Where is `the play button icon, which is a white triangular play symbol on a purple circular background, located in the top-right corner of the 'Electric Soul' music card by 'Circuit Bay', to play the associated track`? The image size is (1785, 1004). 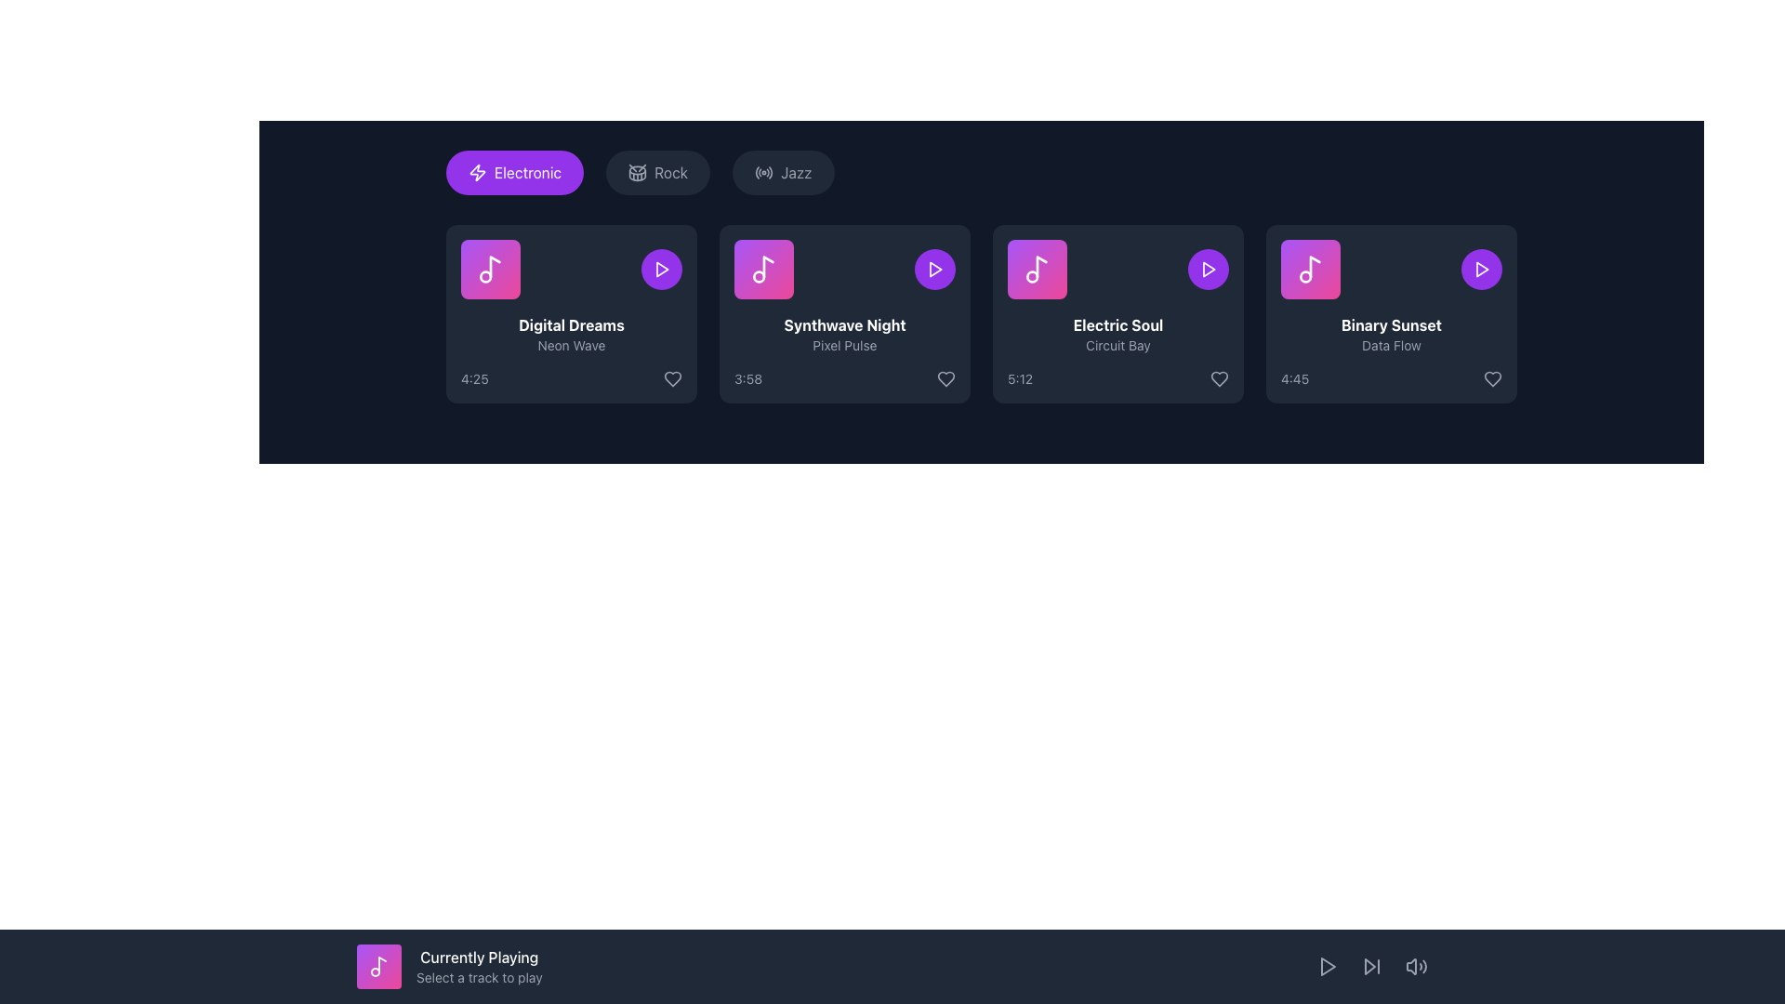 the play button icon, which is a white triangular play symbol on a purple circular background, located in the top-right corner of the 'Electric Soul' music card by 'Circuit Bay', to play the associated track is located at coordinates (1209, 269).